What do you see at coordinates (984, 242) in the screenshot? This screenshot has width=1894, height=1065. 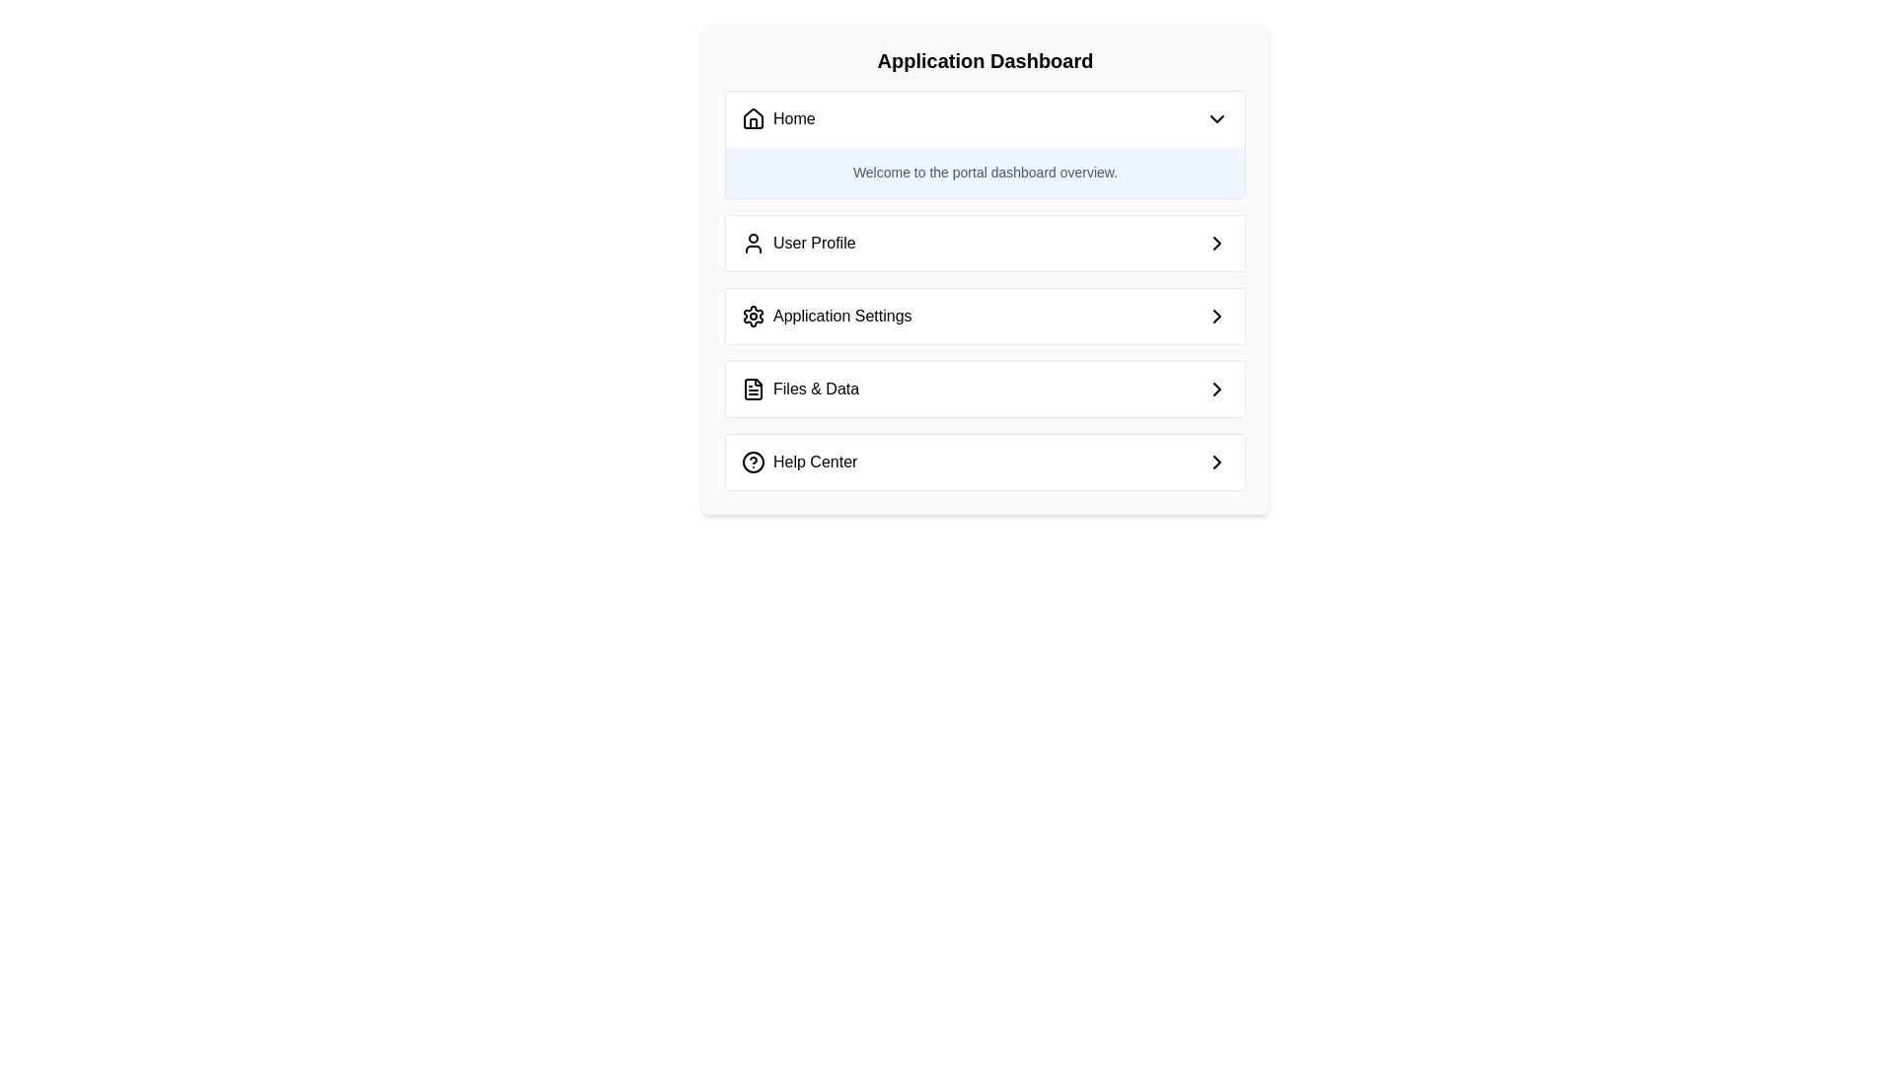 I see `the 'User Profile' button, which is the second item in the vertical list below 'Application Dashboard' and above 'Application Settings'` at bounding box center [984, 242].